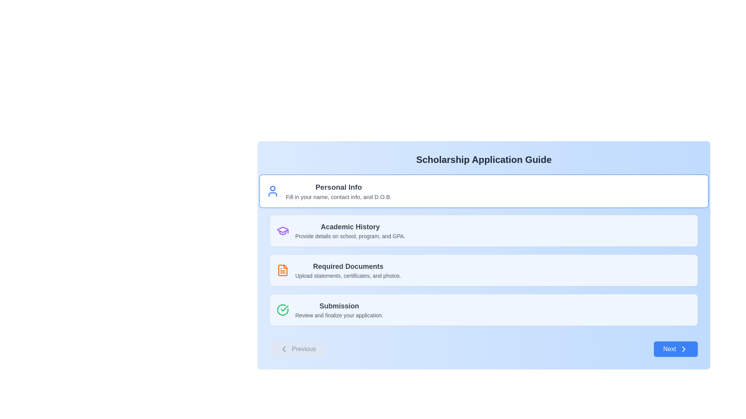  Describe the element at coordinates (273, 189) in the screenshot. I see `the circular decorative element within the SVG user silhouette icon located in the header of the 'Personal Info' section` at that location.